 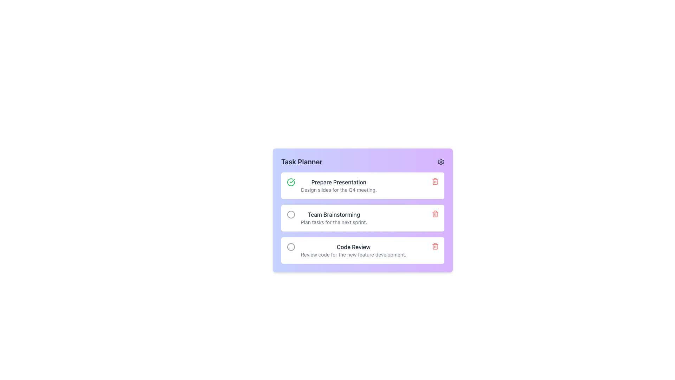 What do you see at coordinates (334, 218) in the screenshot?
I see `the text display element titled 'Team Brainstorming' with the subtitle 'Plan tasks for the next sprint.'` at bounding box center [334, 218].